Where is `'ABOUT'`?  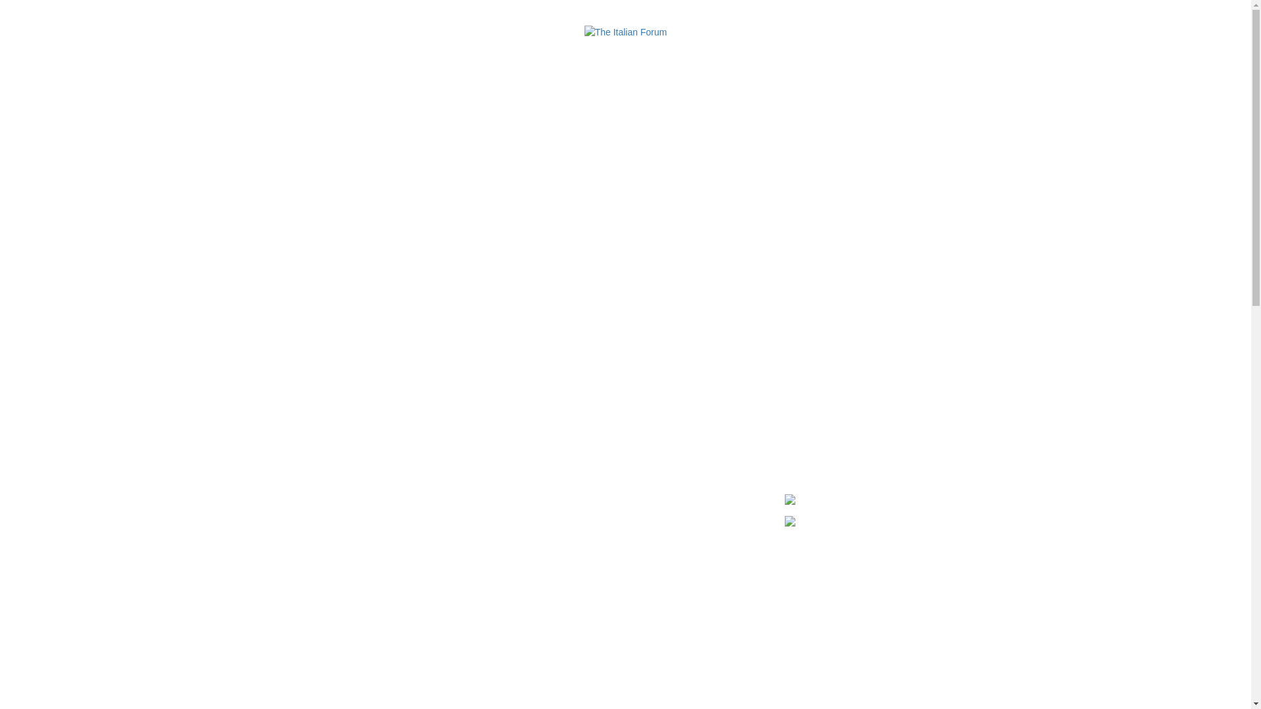 'ABOUT' is located at coordinates (321, 41).